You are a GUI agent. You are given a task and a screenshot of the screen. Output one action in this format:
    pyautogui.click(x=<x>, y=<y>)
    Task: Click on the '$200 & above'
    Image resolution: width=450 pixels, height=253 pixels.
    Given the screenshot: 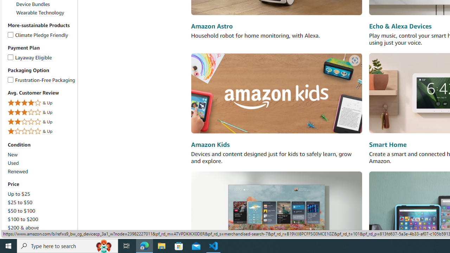 What is the action you would take?
    pyautogui.click(x=41, y=228)
    